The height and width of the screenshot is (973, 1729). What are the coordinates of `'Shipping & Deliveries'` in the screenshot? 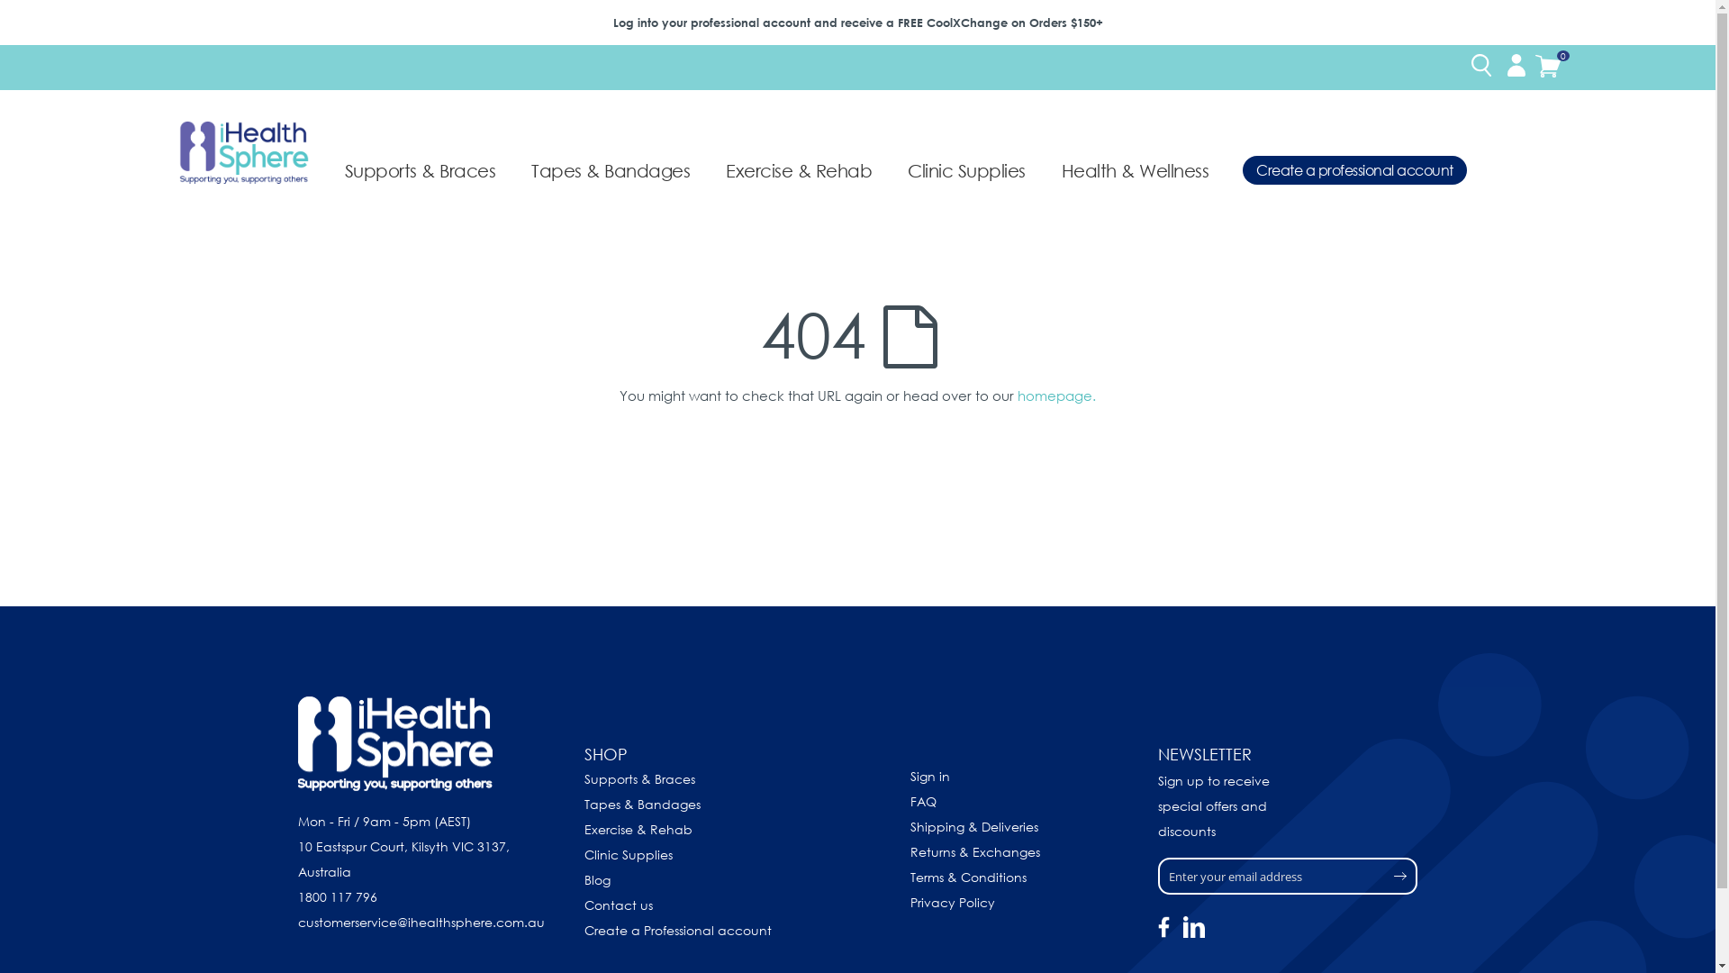 It's located at (973, 826).